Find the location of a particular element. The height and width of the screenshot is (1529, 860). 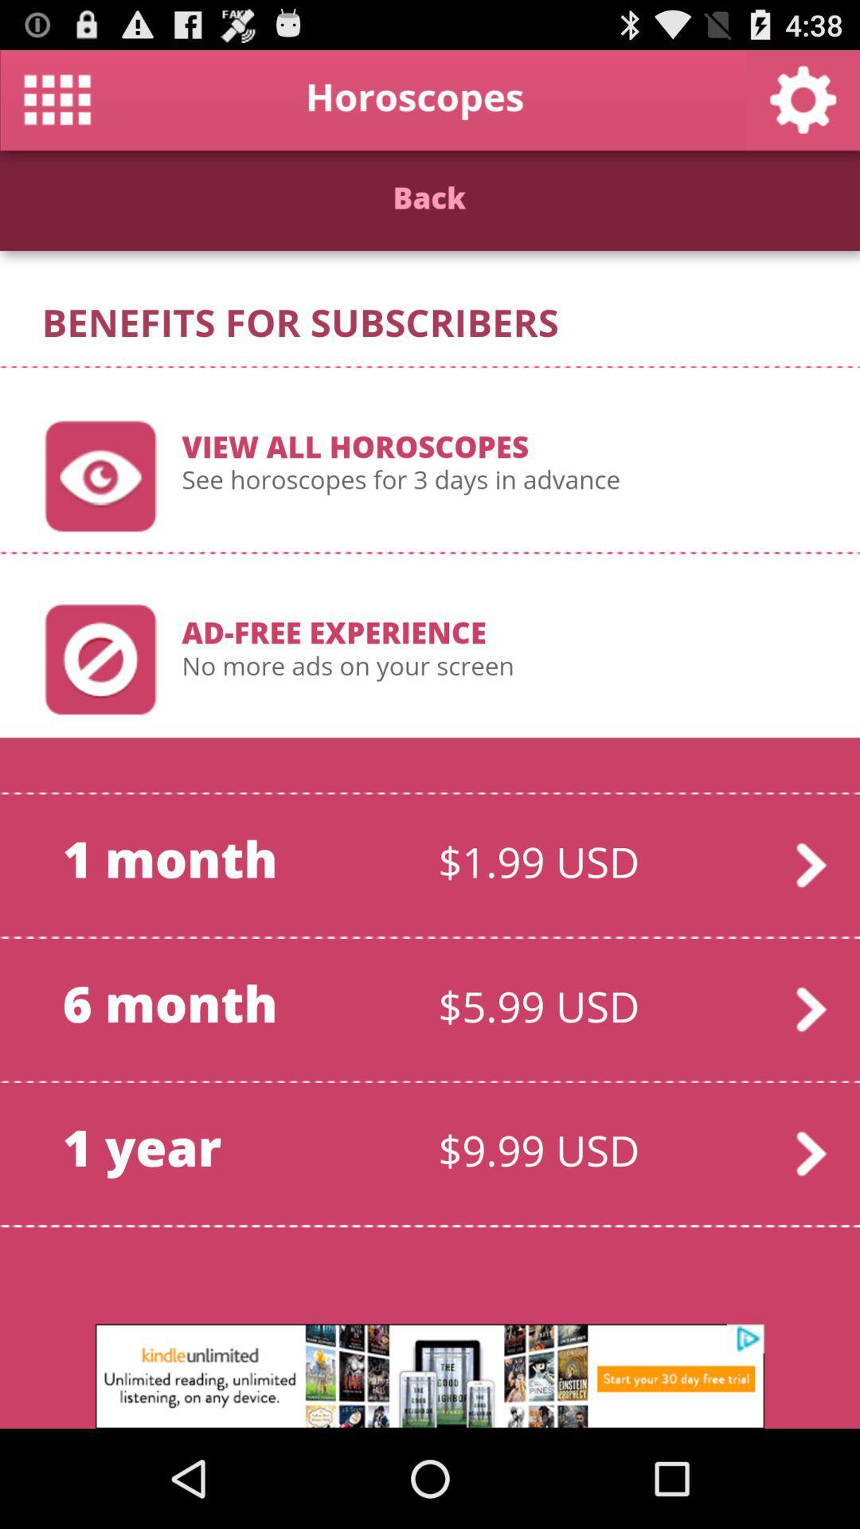

open advertisement is located at coordinates (430, 1375).